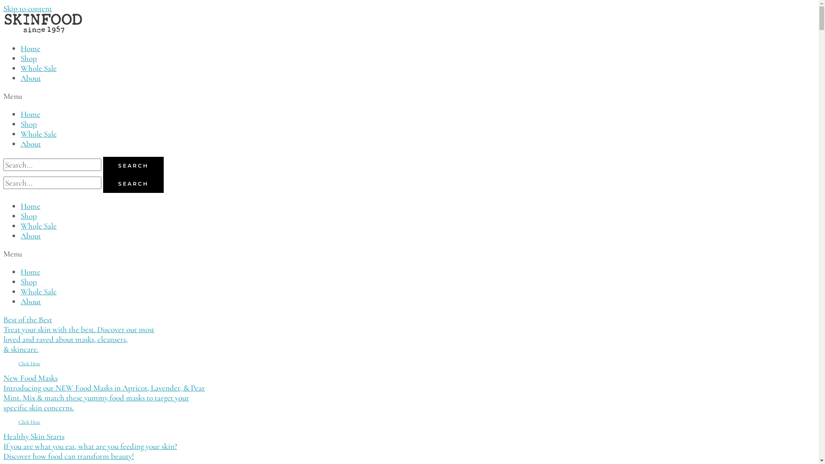 The height and width of the screenshot is (464, 825). Describe the element at coordinates (38, 134) in the screenshot. I see `'Whole Sale'` at that location.